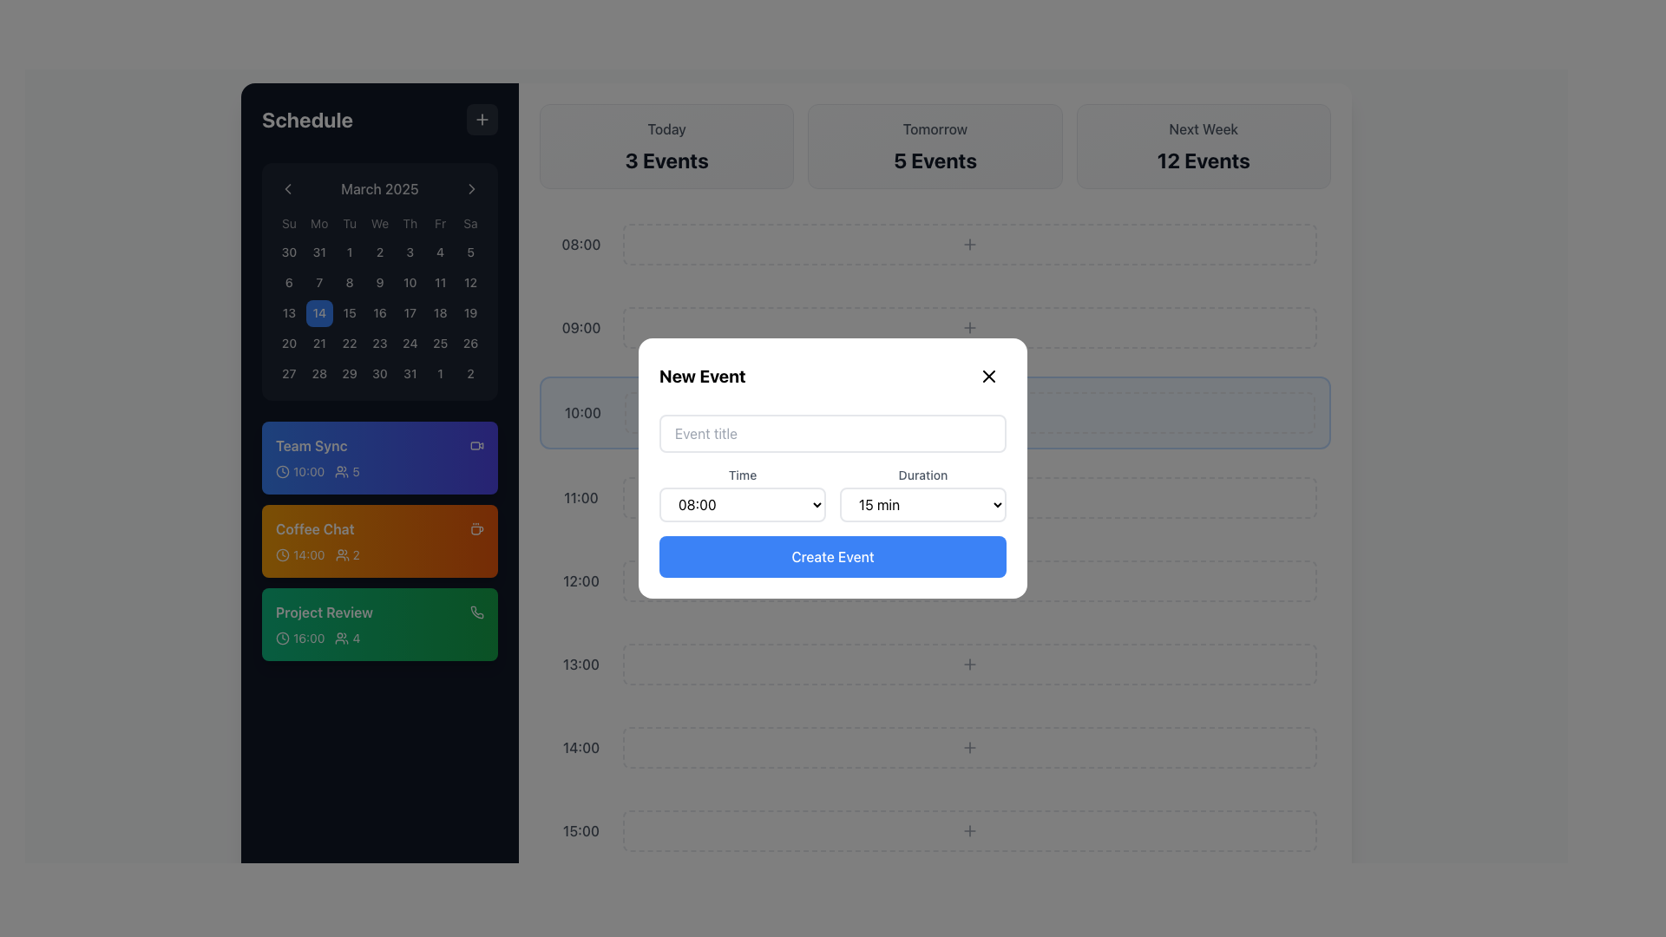 This screenshot has width=1666, height=937. What do you see at coordinates (482, 119) in the screenshot?
I see `the 'Add New Item' button located at the top-right corner of the 'Schedule' panel to observe hover effects` at bounding box center [482, 119].